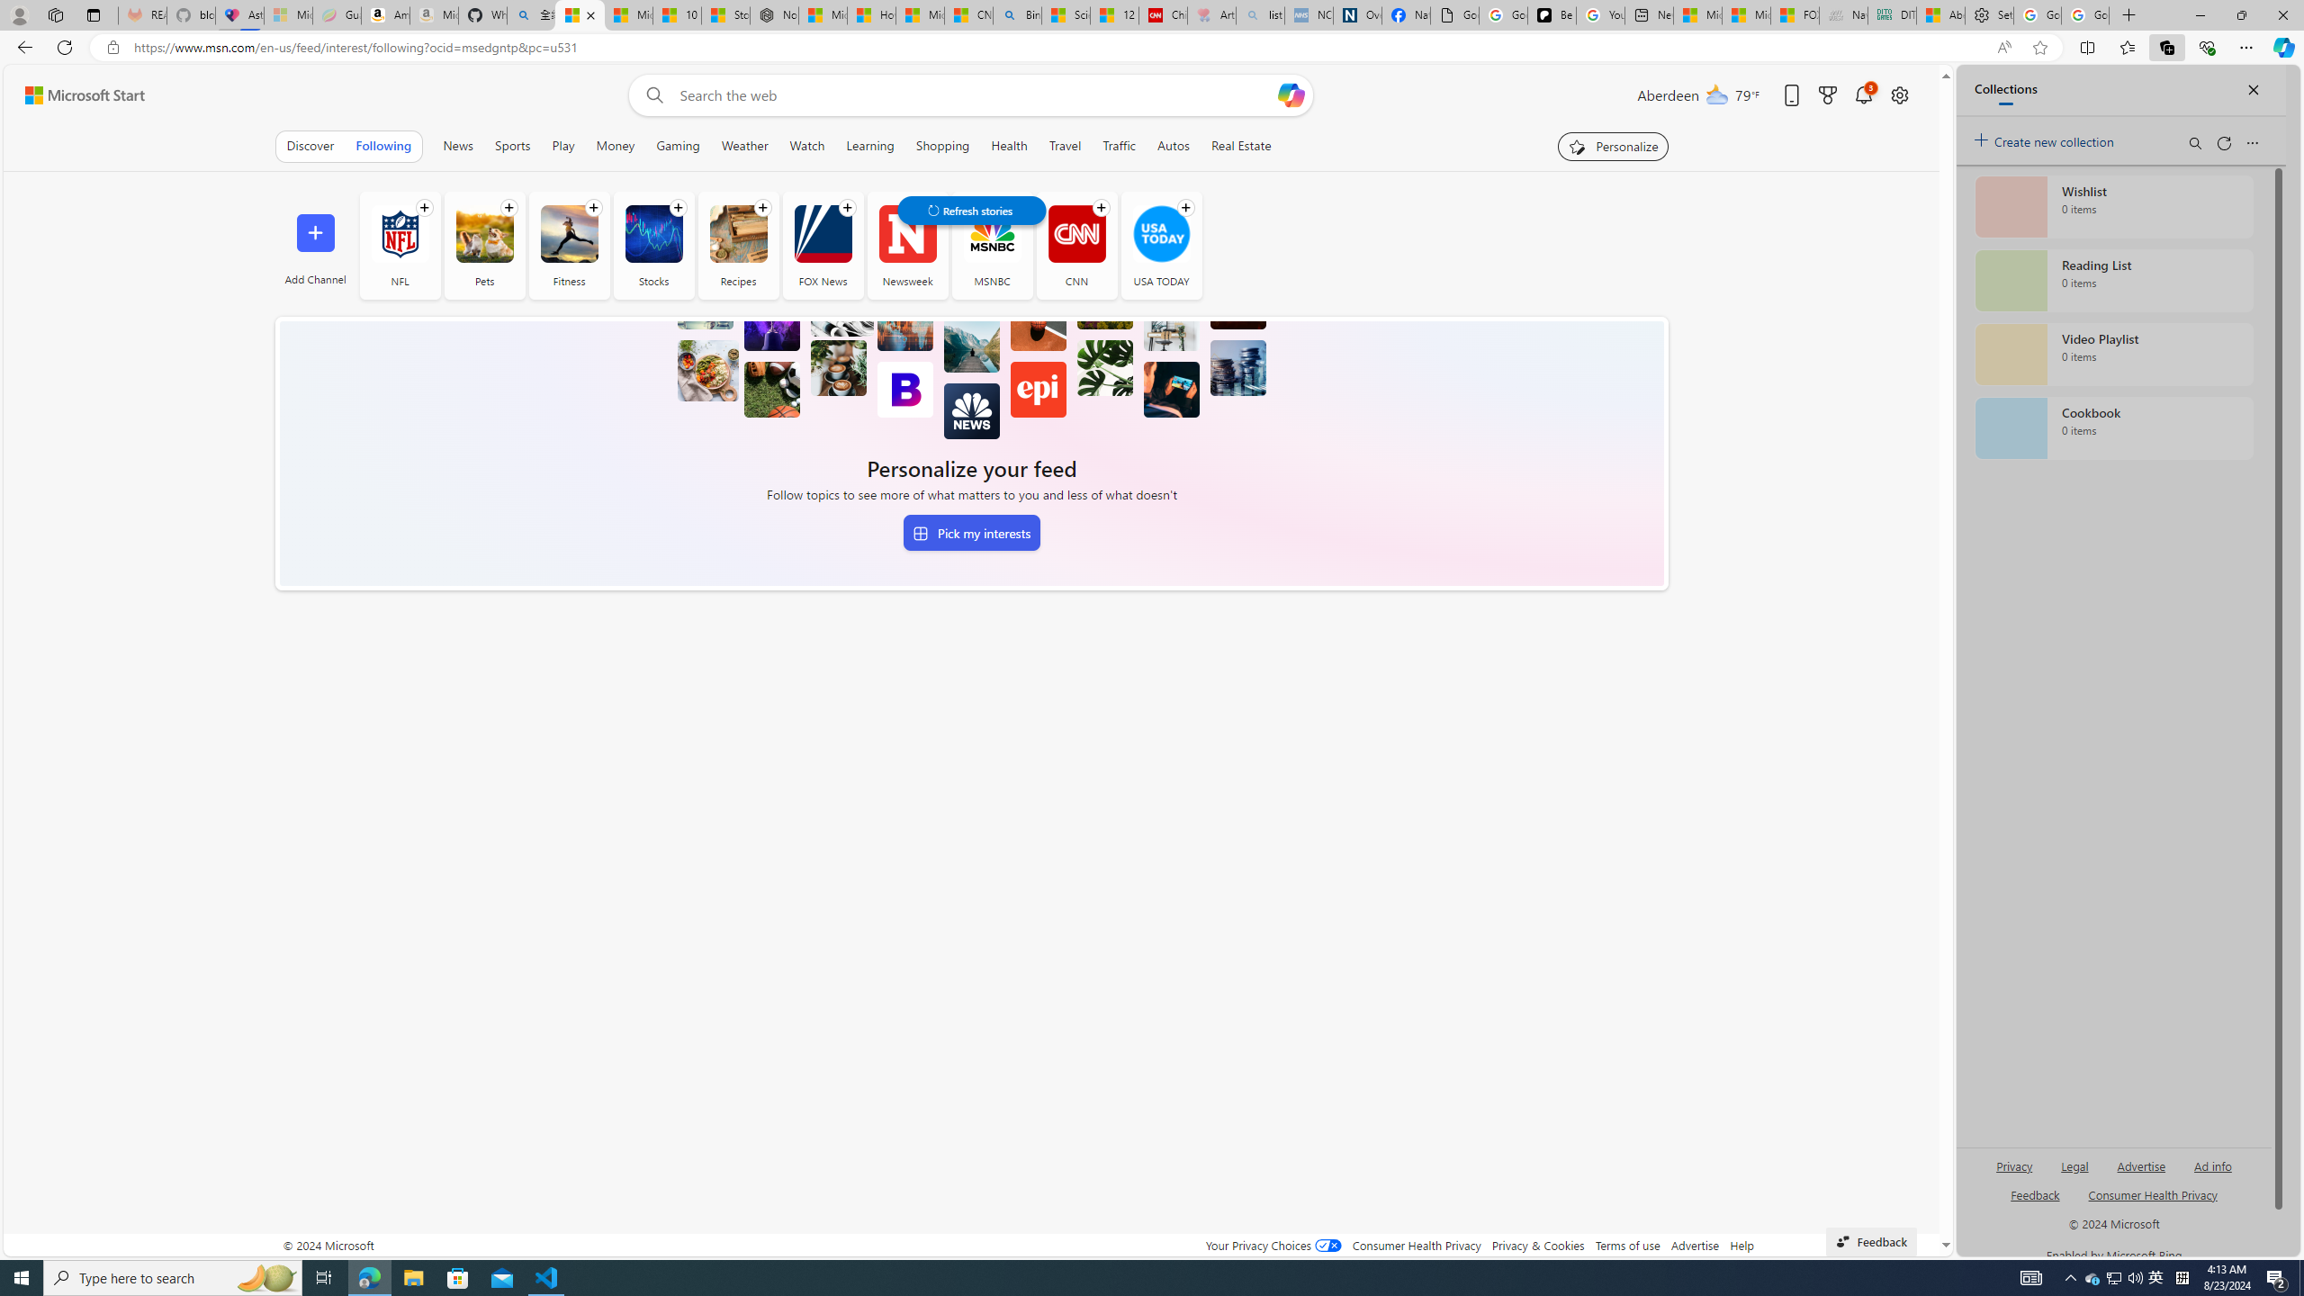  Describe the element at coordinates (1185, 206) in the screenshot. I see `'Follow channel'` at that location.